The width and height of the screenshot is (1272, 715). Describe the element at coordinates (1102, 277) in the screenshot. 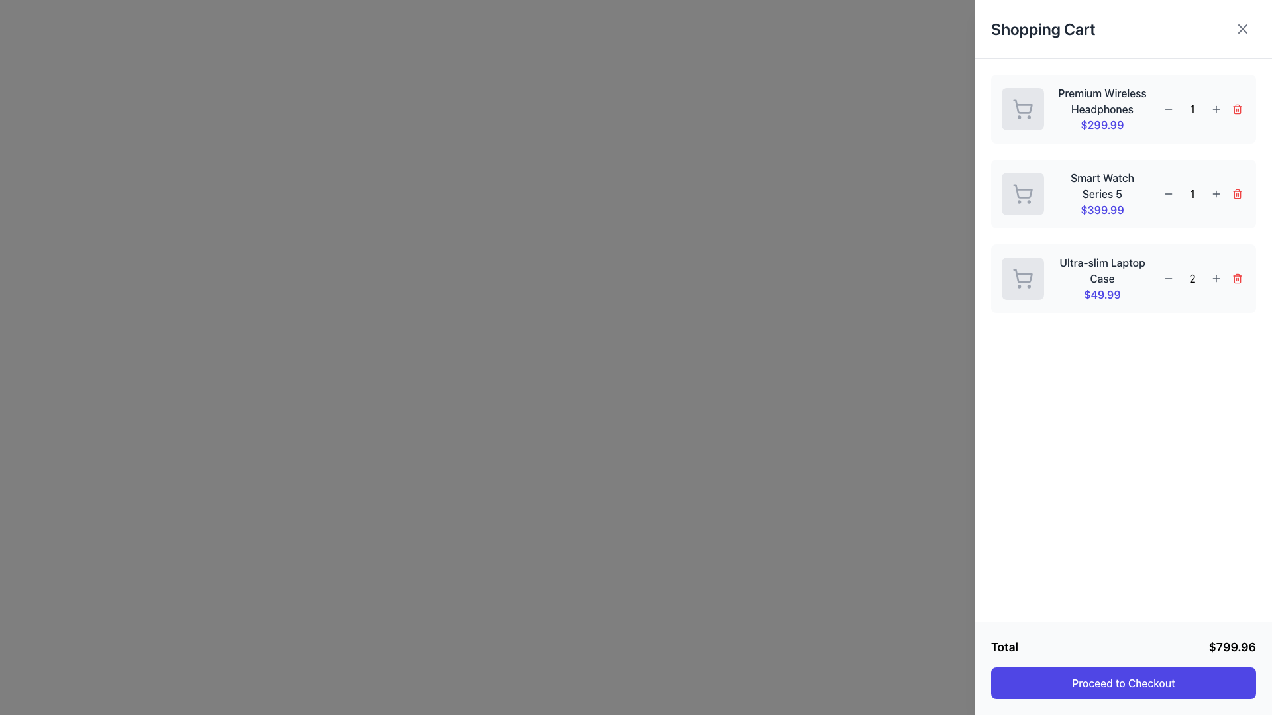

I see `the Text Block that provides information about the product name and its price in the shopping cart, located below the 'Smart Watch Series 5' item in the third position` at that location.